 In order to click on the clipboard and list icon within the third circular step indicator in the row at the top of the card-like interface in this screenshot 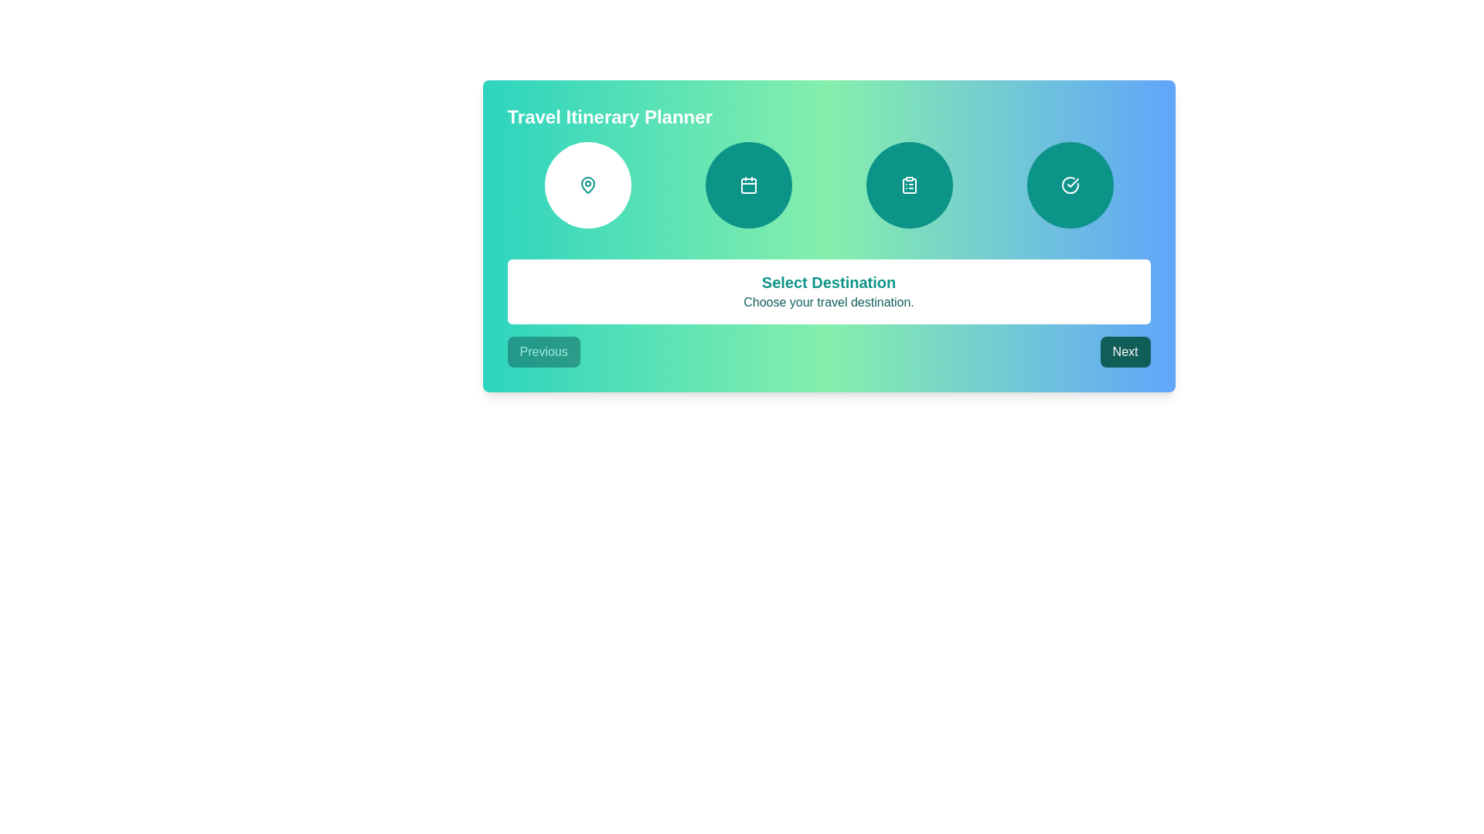, I will do `click(909, 184)`.